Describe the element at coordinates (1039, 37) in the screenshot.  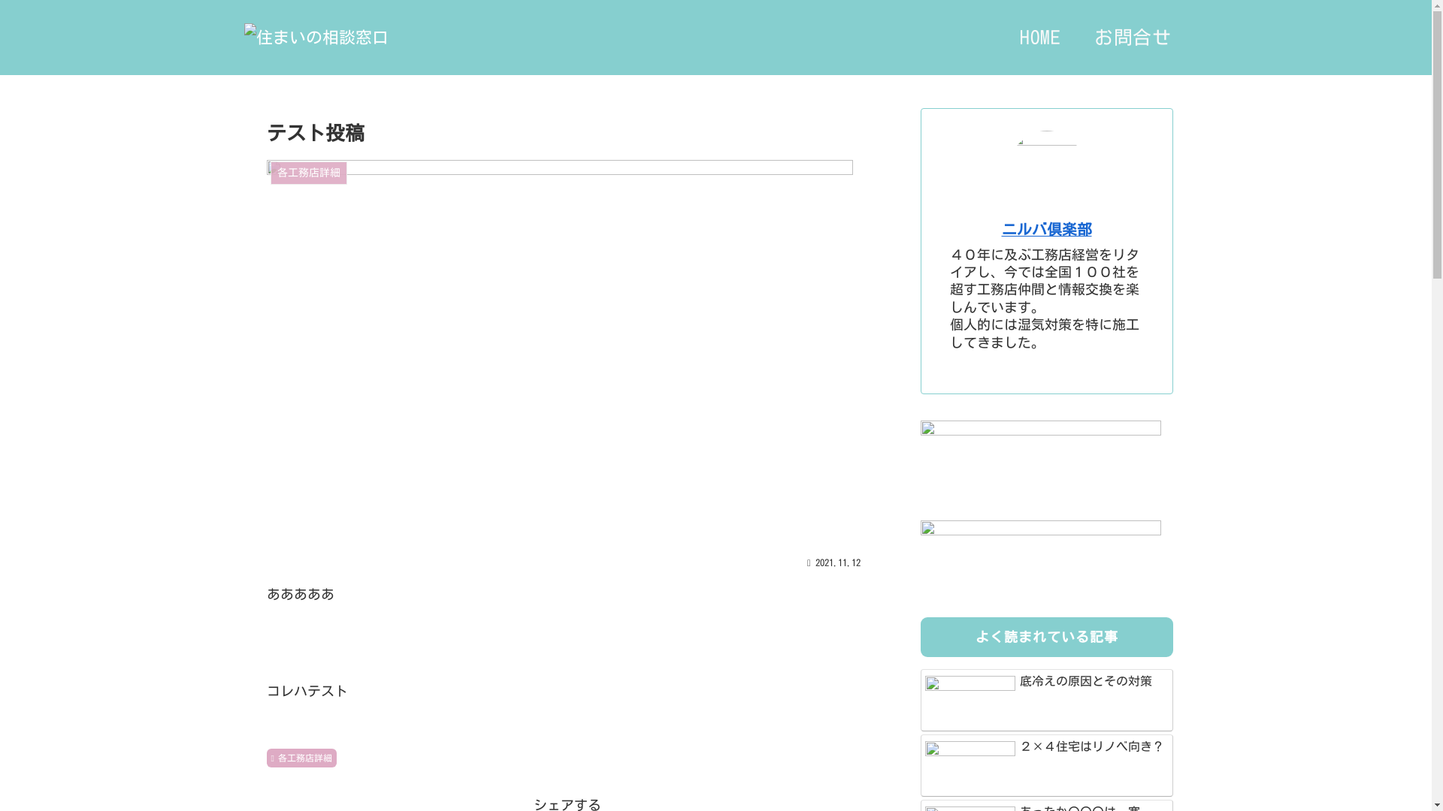
I see `'HOME'` at that location.